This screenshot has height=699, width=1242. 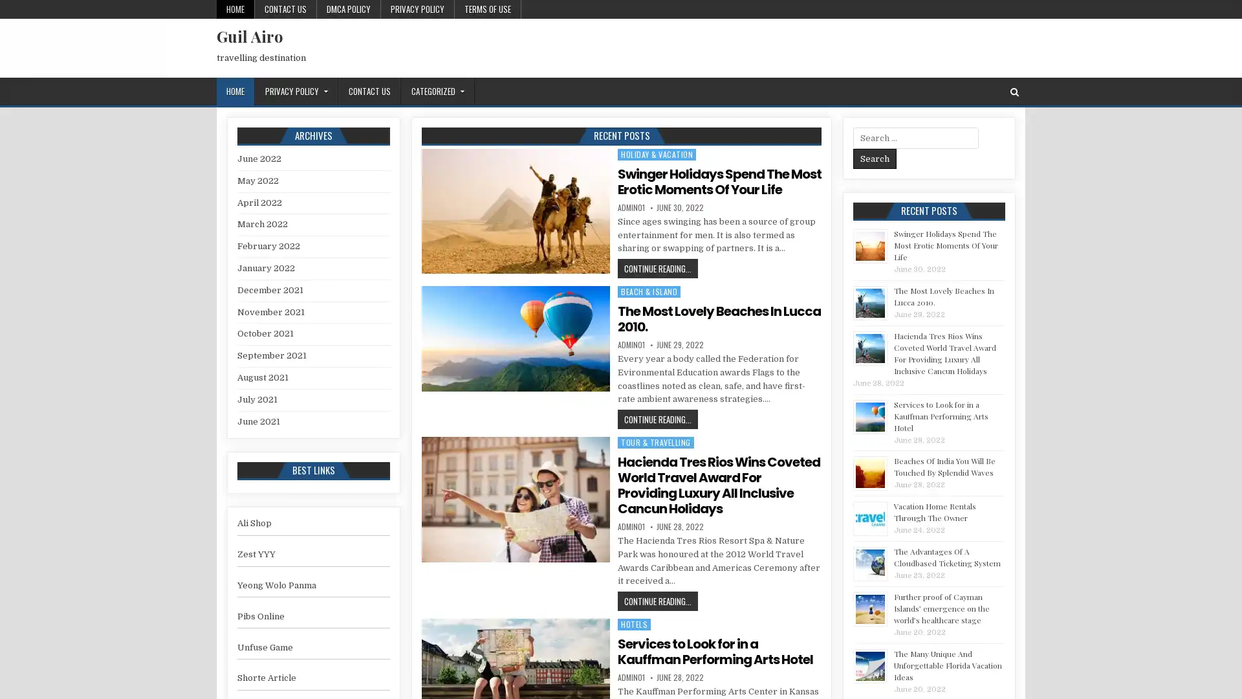 What do you see at coordinates (874, 158) in the screenshot?
I see `Search` at bounding box center [874, 158].